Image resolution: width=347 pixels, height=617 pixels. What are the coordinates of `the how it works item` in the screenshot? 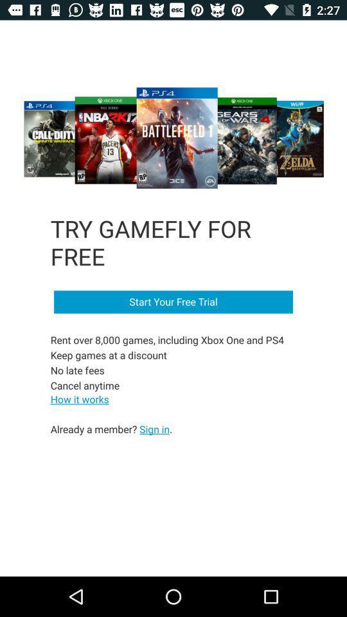 It's located at (80, 398).